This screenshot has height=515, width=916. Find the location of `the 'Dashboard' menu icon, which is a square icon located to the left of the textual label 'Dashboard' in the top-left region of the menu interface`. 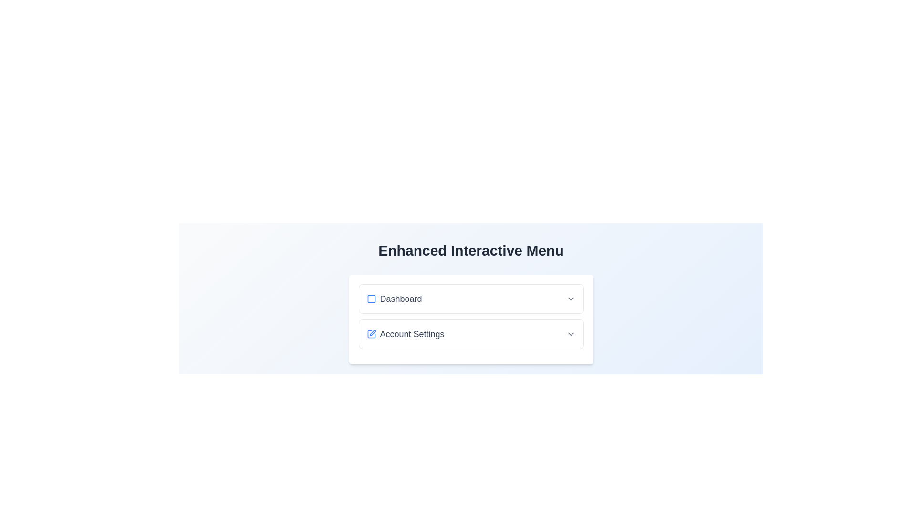

the 'Dashboard' menu icon, which is a square icon located to the left of the textual label 'Dashboard' in the top-left region of the menu interface is located at coordinates (371, 299).